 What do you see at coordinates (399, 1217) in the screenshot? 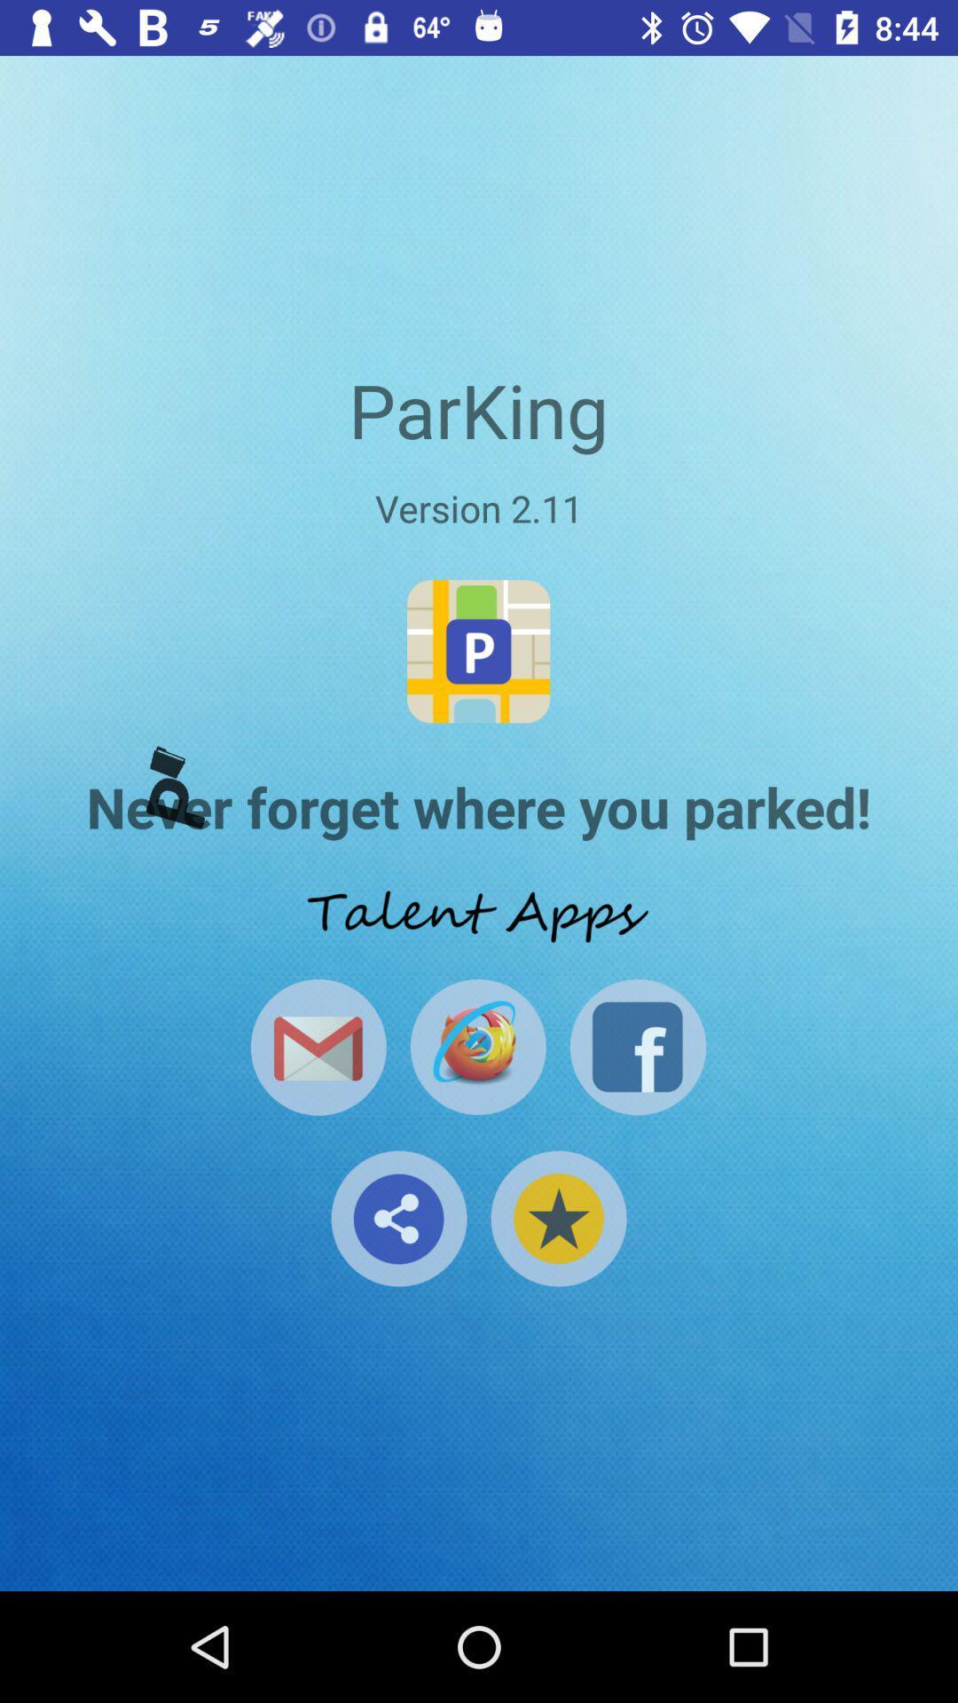
I see `share the app` at bounding box center [399, 1217].